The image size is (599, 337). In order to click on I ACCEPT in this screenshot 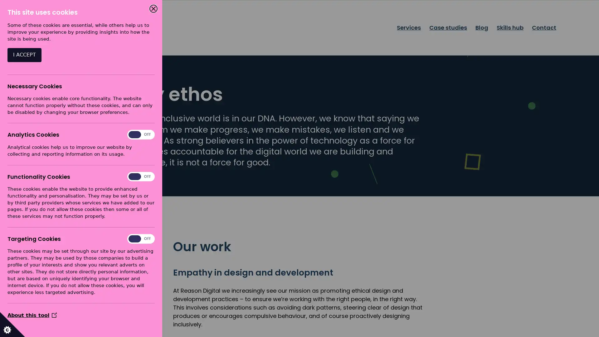, I will do `click(24, 55)`.